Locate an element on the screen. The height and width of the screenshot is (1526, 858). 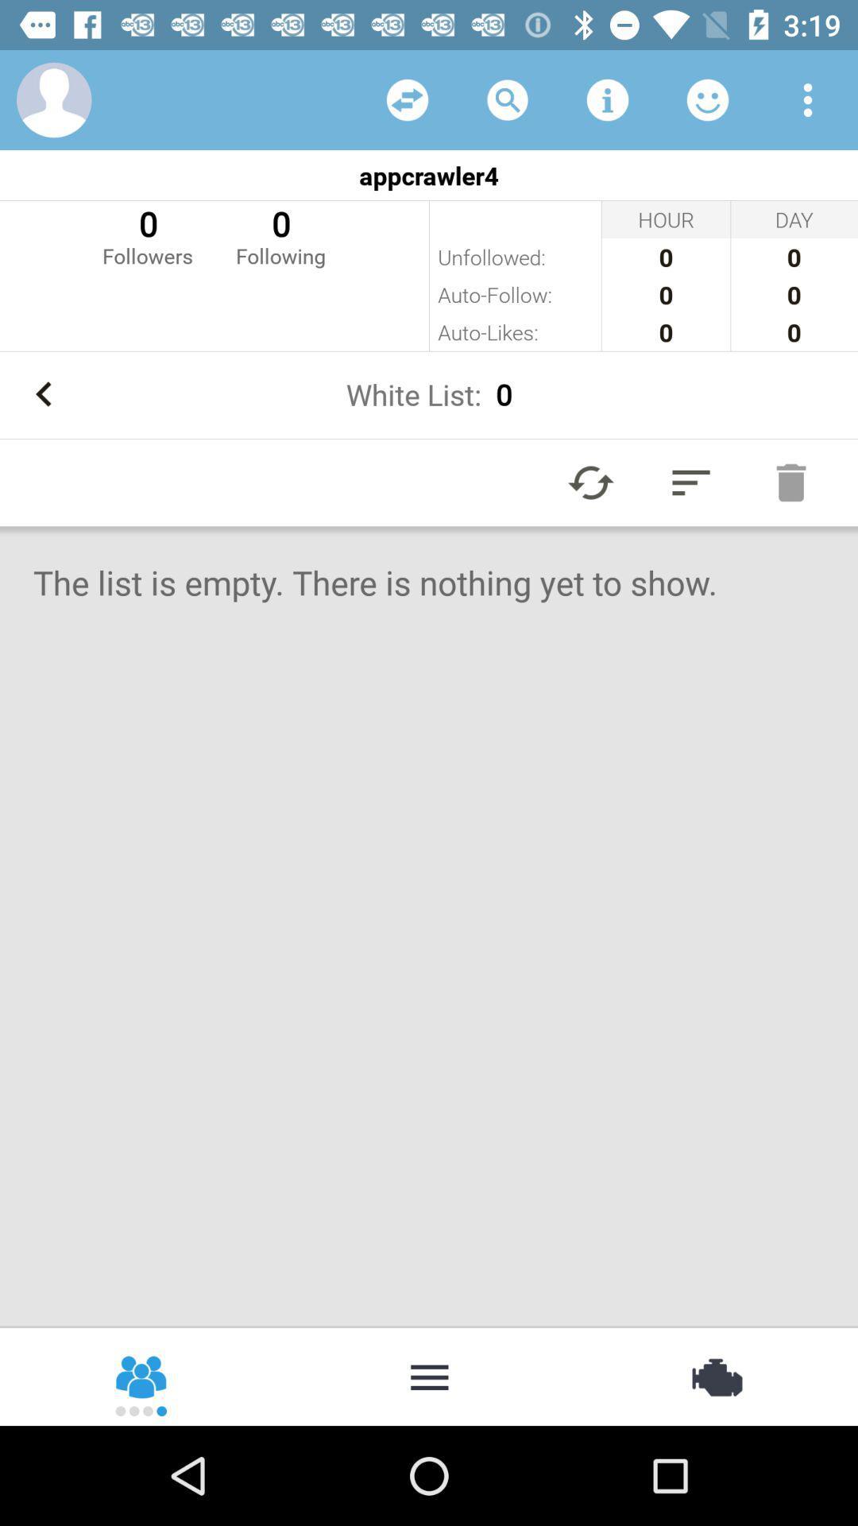
delete is located at coordinates (790, 482).